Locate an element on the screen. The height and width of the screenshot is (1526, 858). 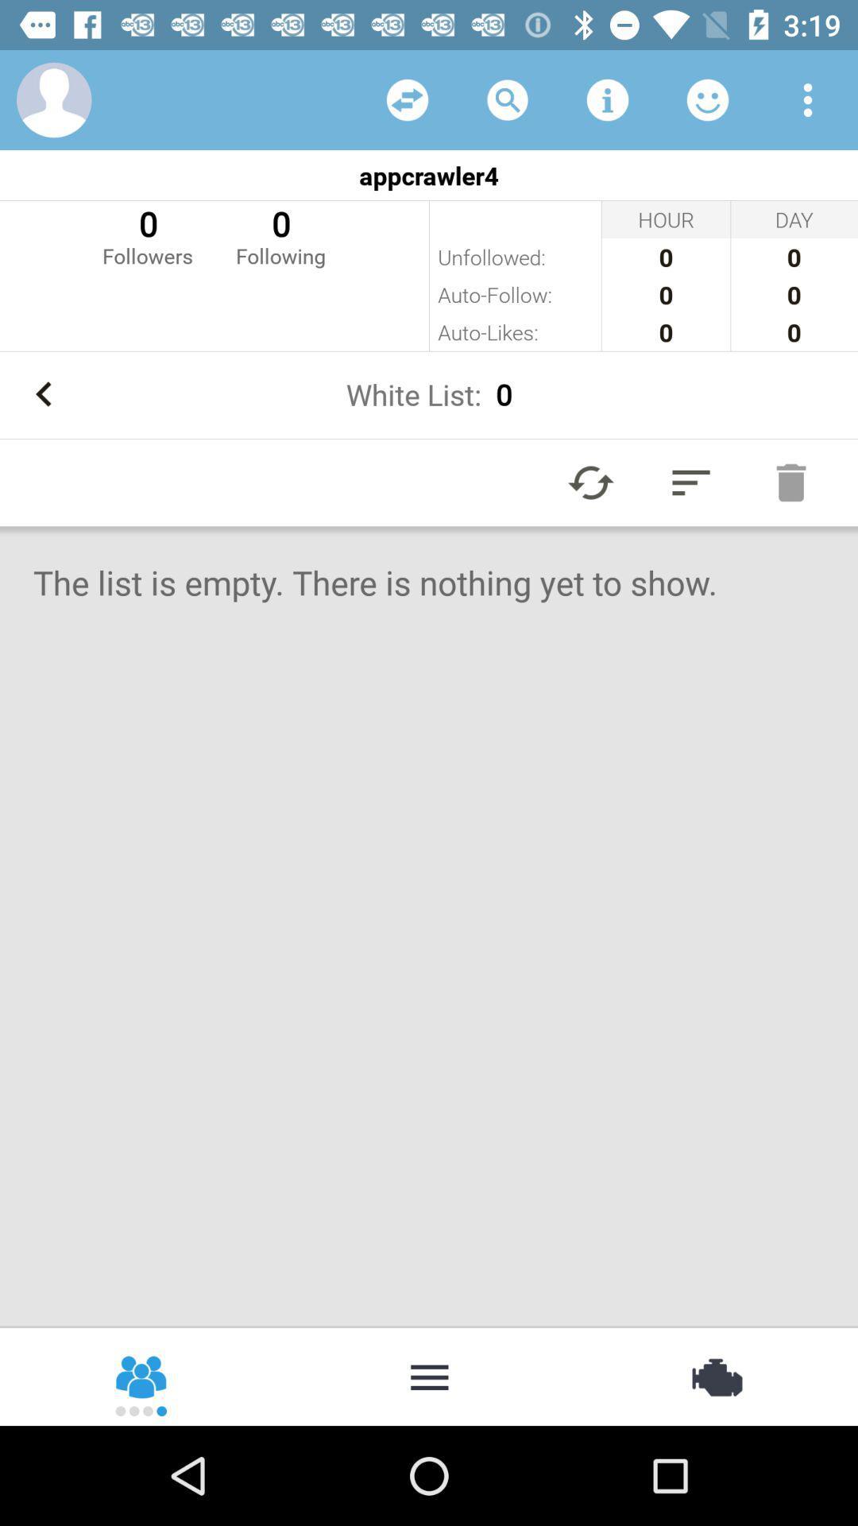
delete is located at coordinates (790, 482).